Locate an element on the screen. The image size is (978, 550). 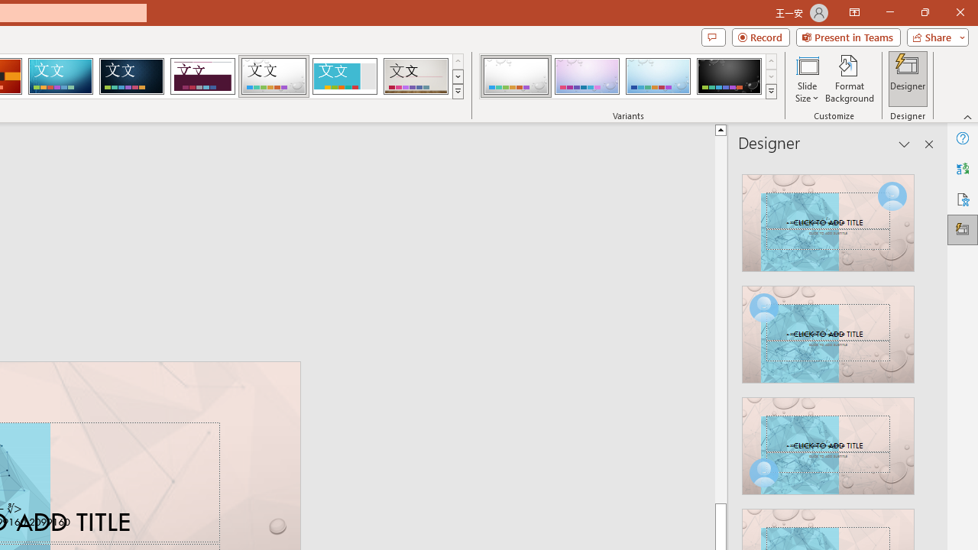
'Droplet Variant 1' is located at coordinates (516, 76).